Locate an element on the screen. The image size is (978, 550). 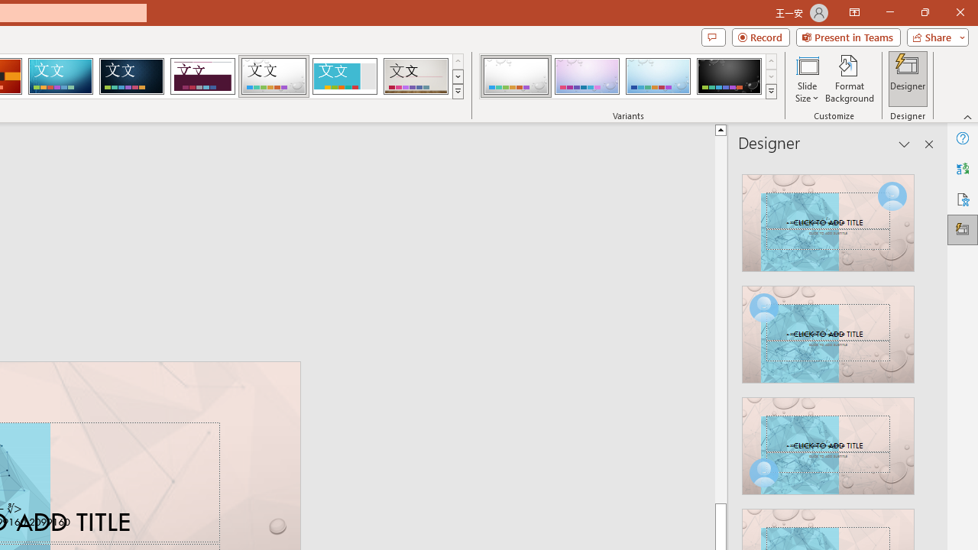
'Droplet Variant 1' is located at coordinates (516, 76).